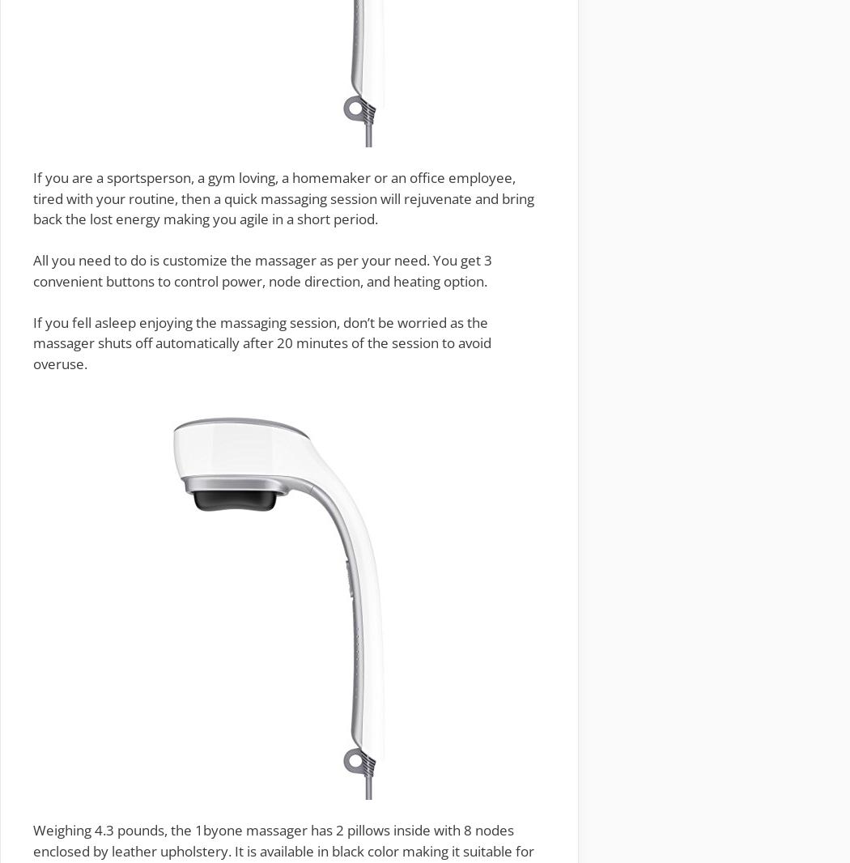 The height and width of the screenshot is (863, 850). What do you see at coordinates (168, 342) in the screenshot?
I see `'shuts off automatically'` at bounding box center [168, 342].